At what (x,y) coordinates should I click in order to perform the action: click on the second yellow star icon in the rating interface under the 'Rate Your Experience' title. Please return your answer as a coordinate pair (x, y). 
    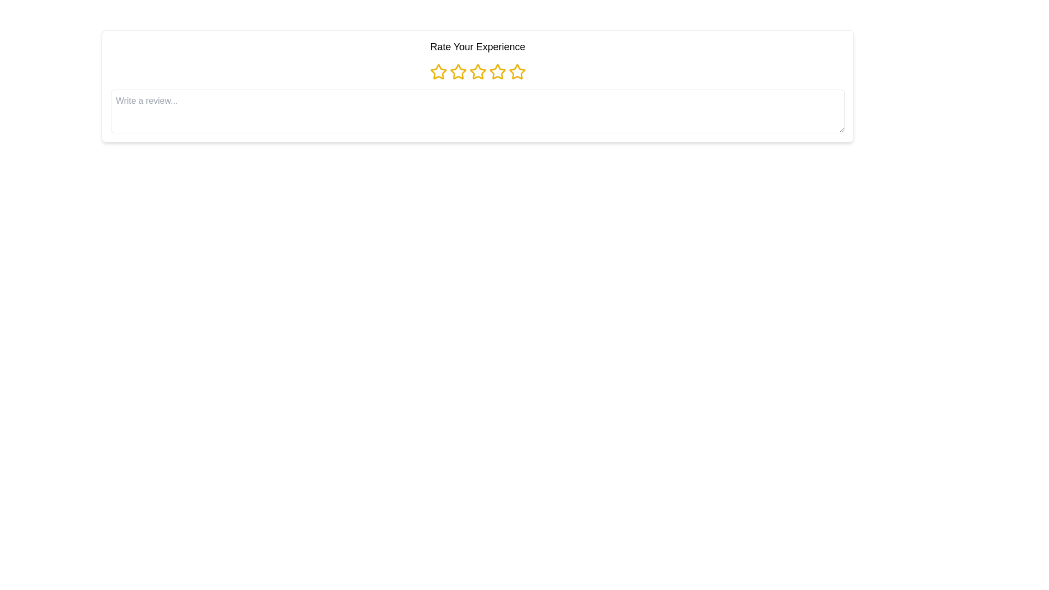
    Looking at the image, I should click on (458, 72).